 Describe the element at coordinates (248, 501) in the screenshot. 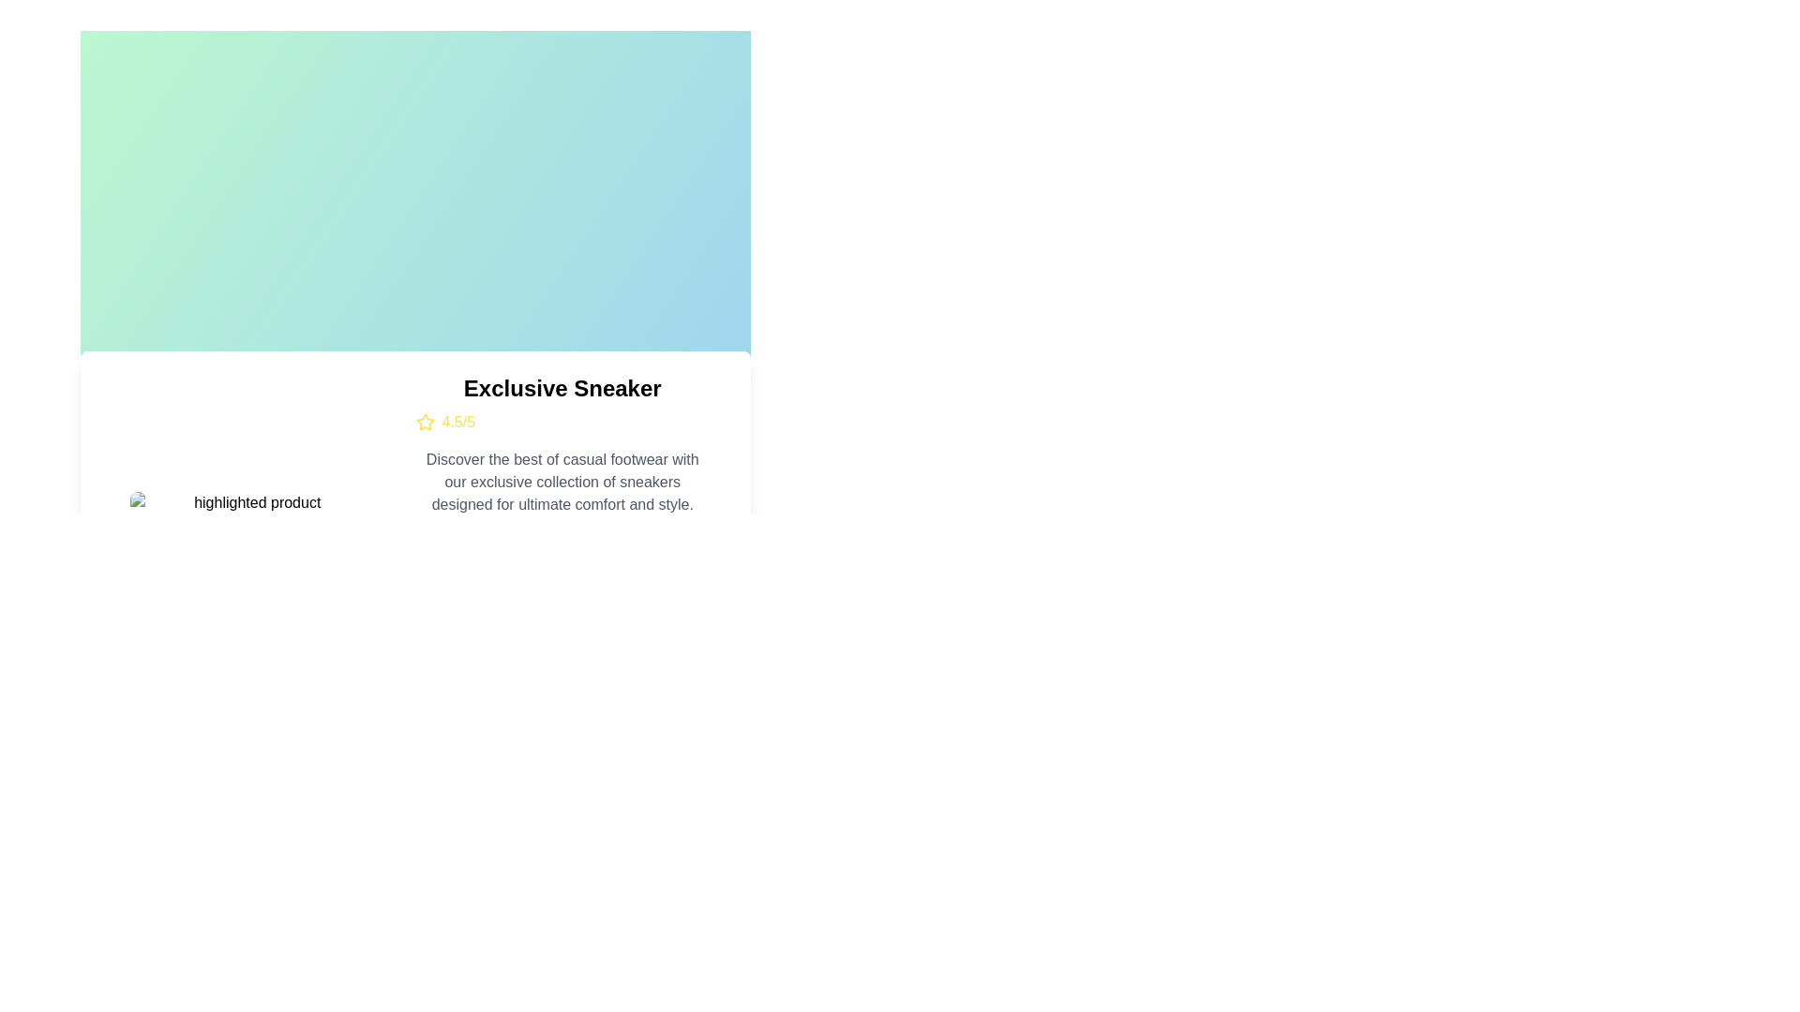

I see `the image element with the alt attribute 'highlighted product'` at that location.